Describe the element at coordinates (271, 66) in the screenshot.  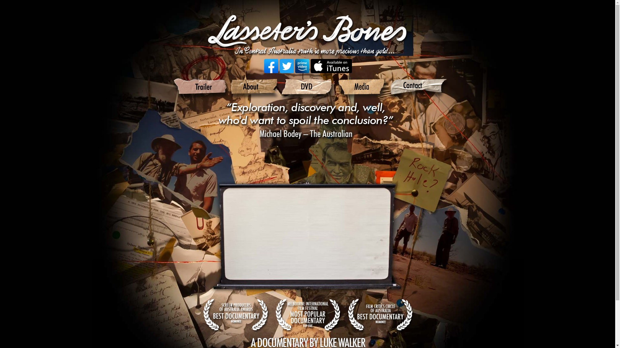
I see `'Lasseters Bones Facebook Page'` at that location.